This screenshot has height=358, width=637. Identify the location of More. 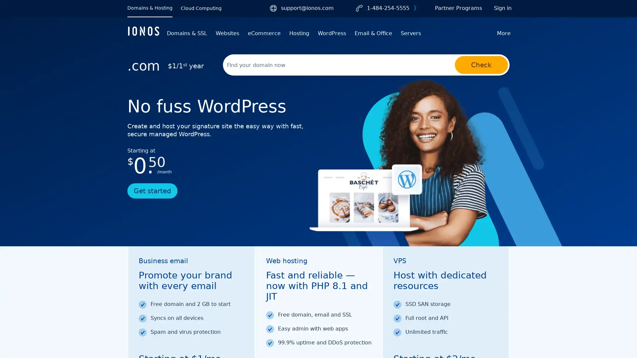
(504, 33).